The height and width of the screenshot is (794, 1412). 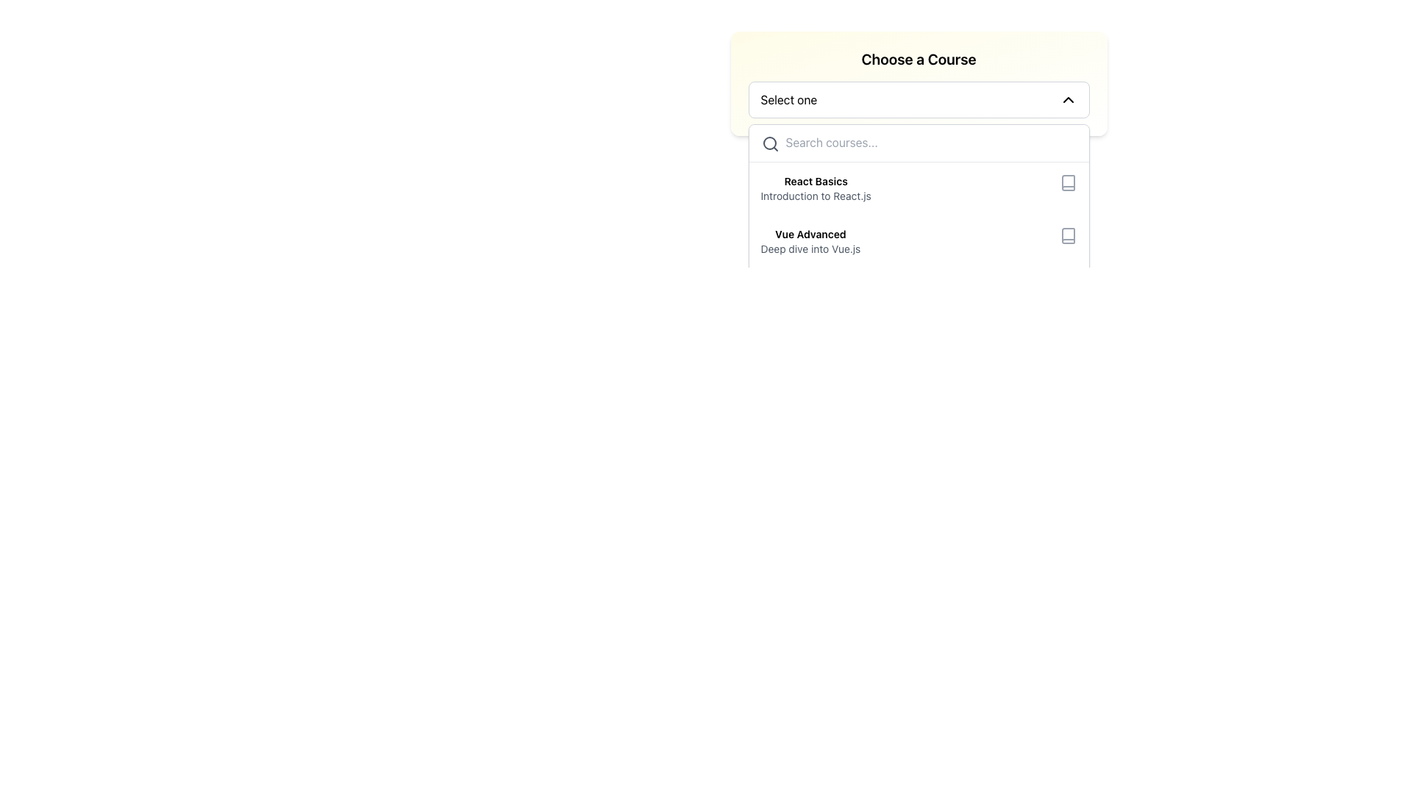 I want to click on the 'Vue Advanced' menu option in the dropdown under 'Choose a Course', so click(x=810, y=240).